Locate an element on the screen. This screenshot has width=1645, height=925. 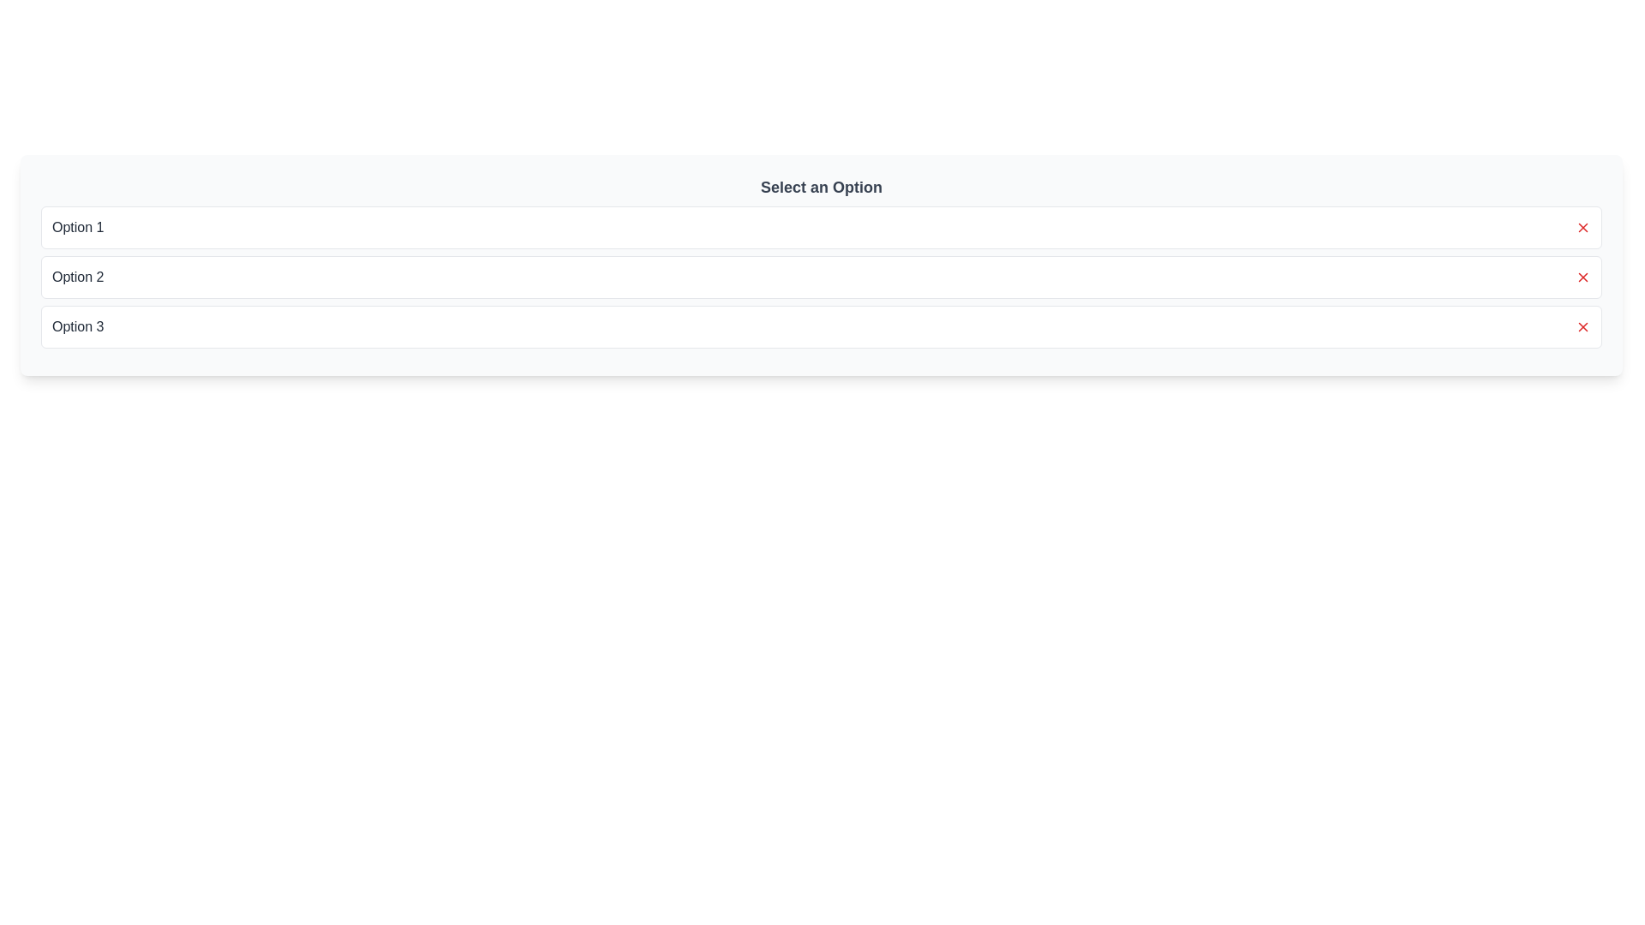
the red 'X' icon button indicating deletion or closing, located at the far right of 'Option 1' is located at coordinates (1582, 227).